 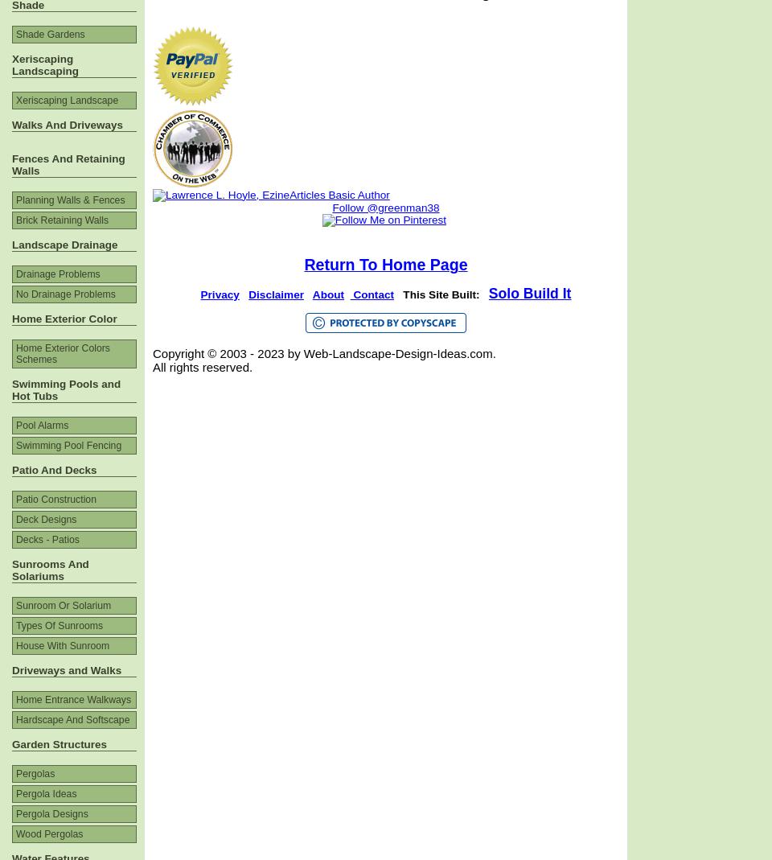 What do you see at coordinates (14, 219) in the screenshot?
I see `'Brick Retaining Walls'` at bounding box center [14, 219].